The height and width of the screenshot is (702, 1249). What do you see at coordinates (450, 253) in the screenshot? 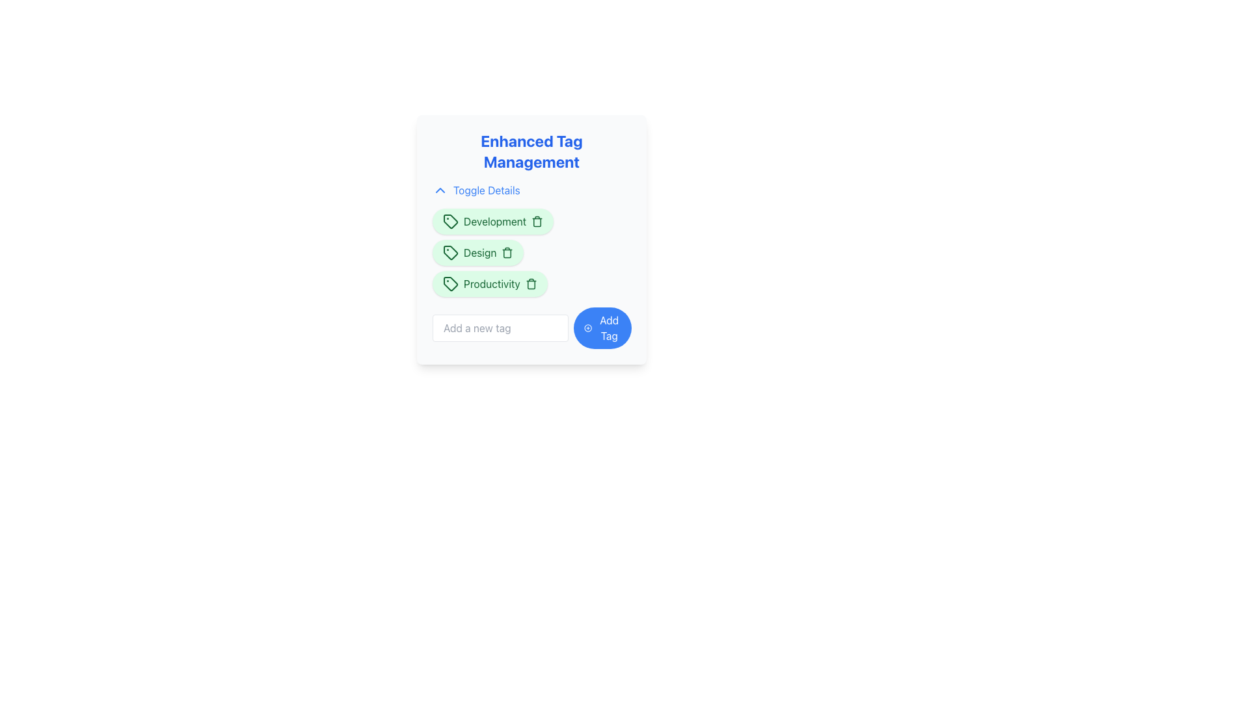
I see `tag icon representing 'Design' located in the Enhanced Tag Management section, which is the first element in a horizontal arrangement` at bounding box center [450, 253].